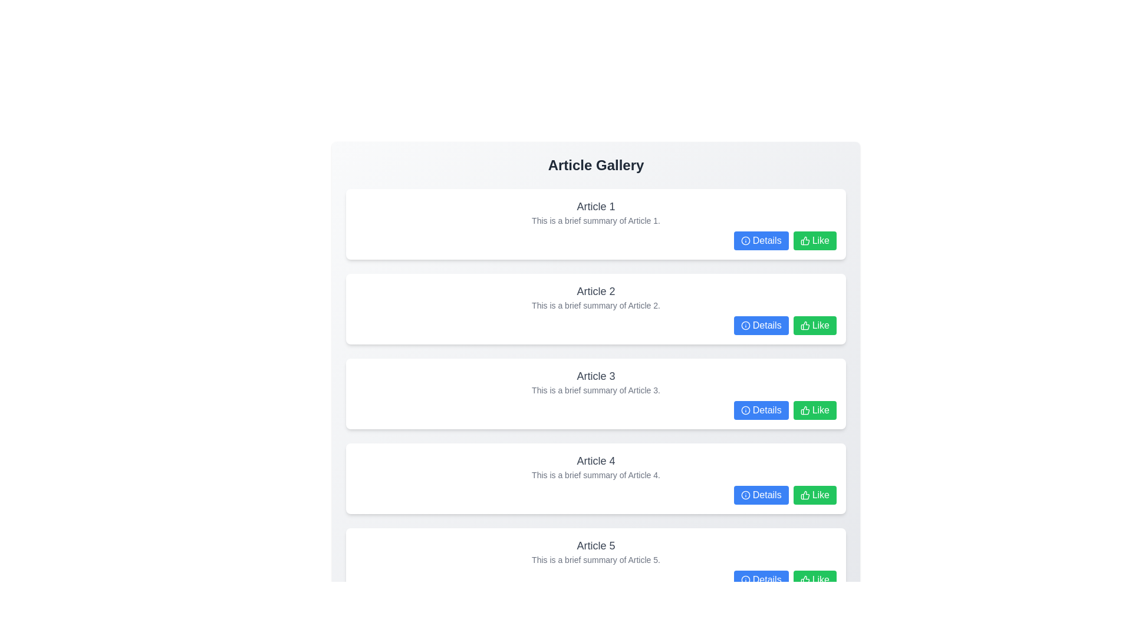  I want to click on the visual representation of the icon located to the left of the 'Details' text within the 'Details' button in the fourth card for 'Article 4', so click(745, 495).